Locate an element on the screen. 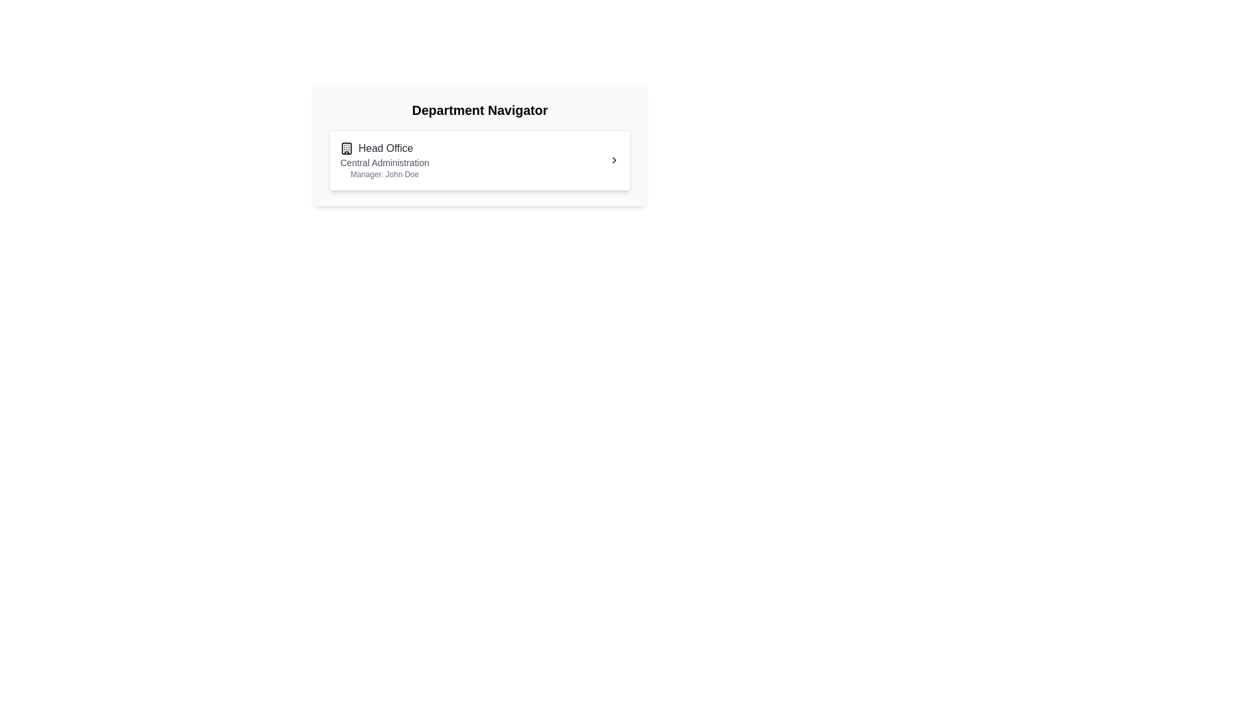 Image resolution: width=1247 pixels, height=701 pixels. the 'Head Office' informational group is located at coordinates (384, 159).